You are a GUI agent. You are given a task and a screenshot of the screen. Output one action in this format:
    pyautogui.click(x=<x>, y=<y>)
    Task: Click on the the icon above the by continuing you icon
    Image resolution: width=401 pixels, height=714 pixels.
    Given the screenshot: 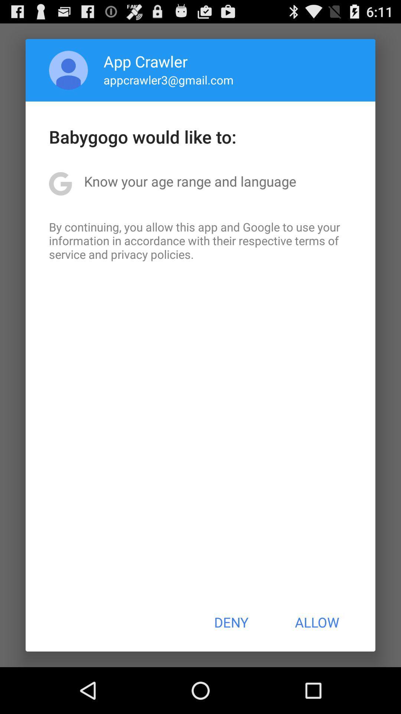 What is the action you would take?
    pyautogui.click(x=190, y=181)
    